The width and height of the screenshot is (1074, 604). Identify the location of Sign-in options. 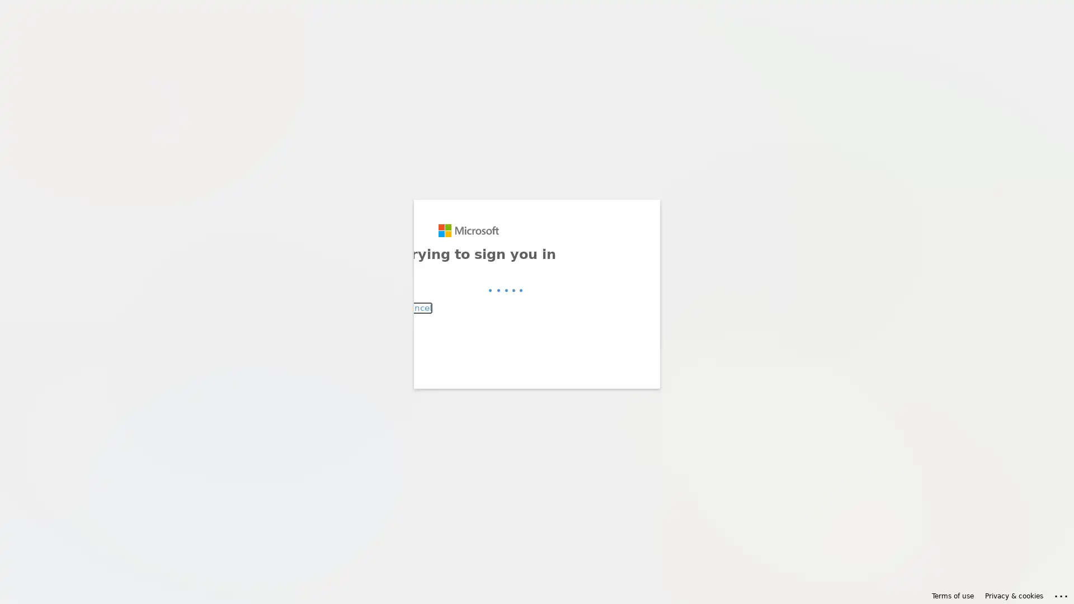
(537, 394).